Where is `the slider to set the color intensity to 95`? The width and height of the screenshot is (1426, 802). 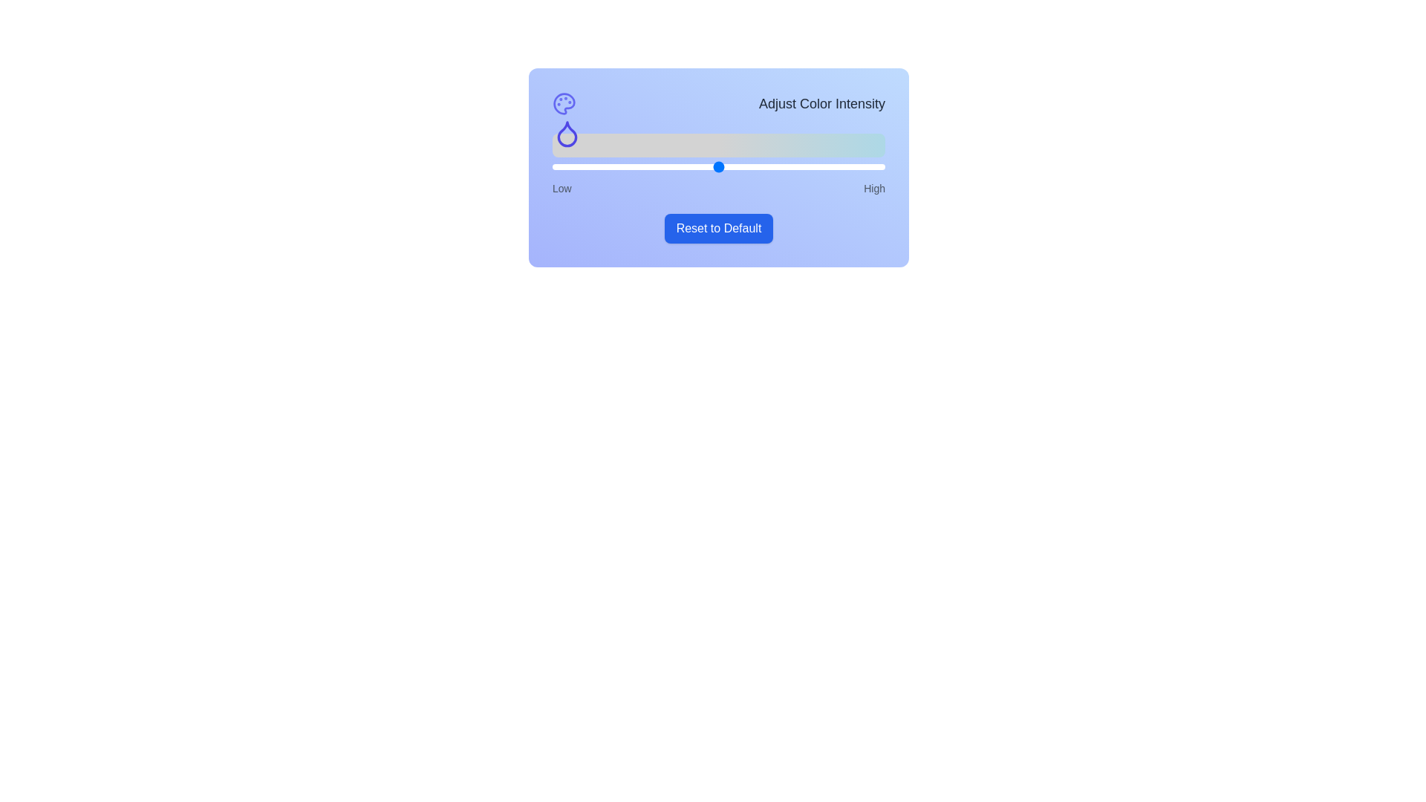 the slider to set the color intensity to 95 is located at coordinates (868, 166).